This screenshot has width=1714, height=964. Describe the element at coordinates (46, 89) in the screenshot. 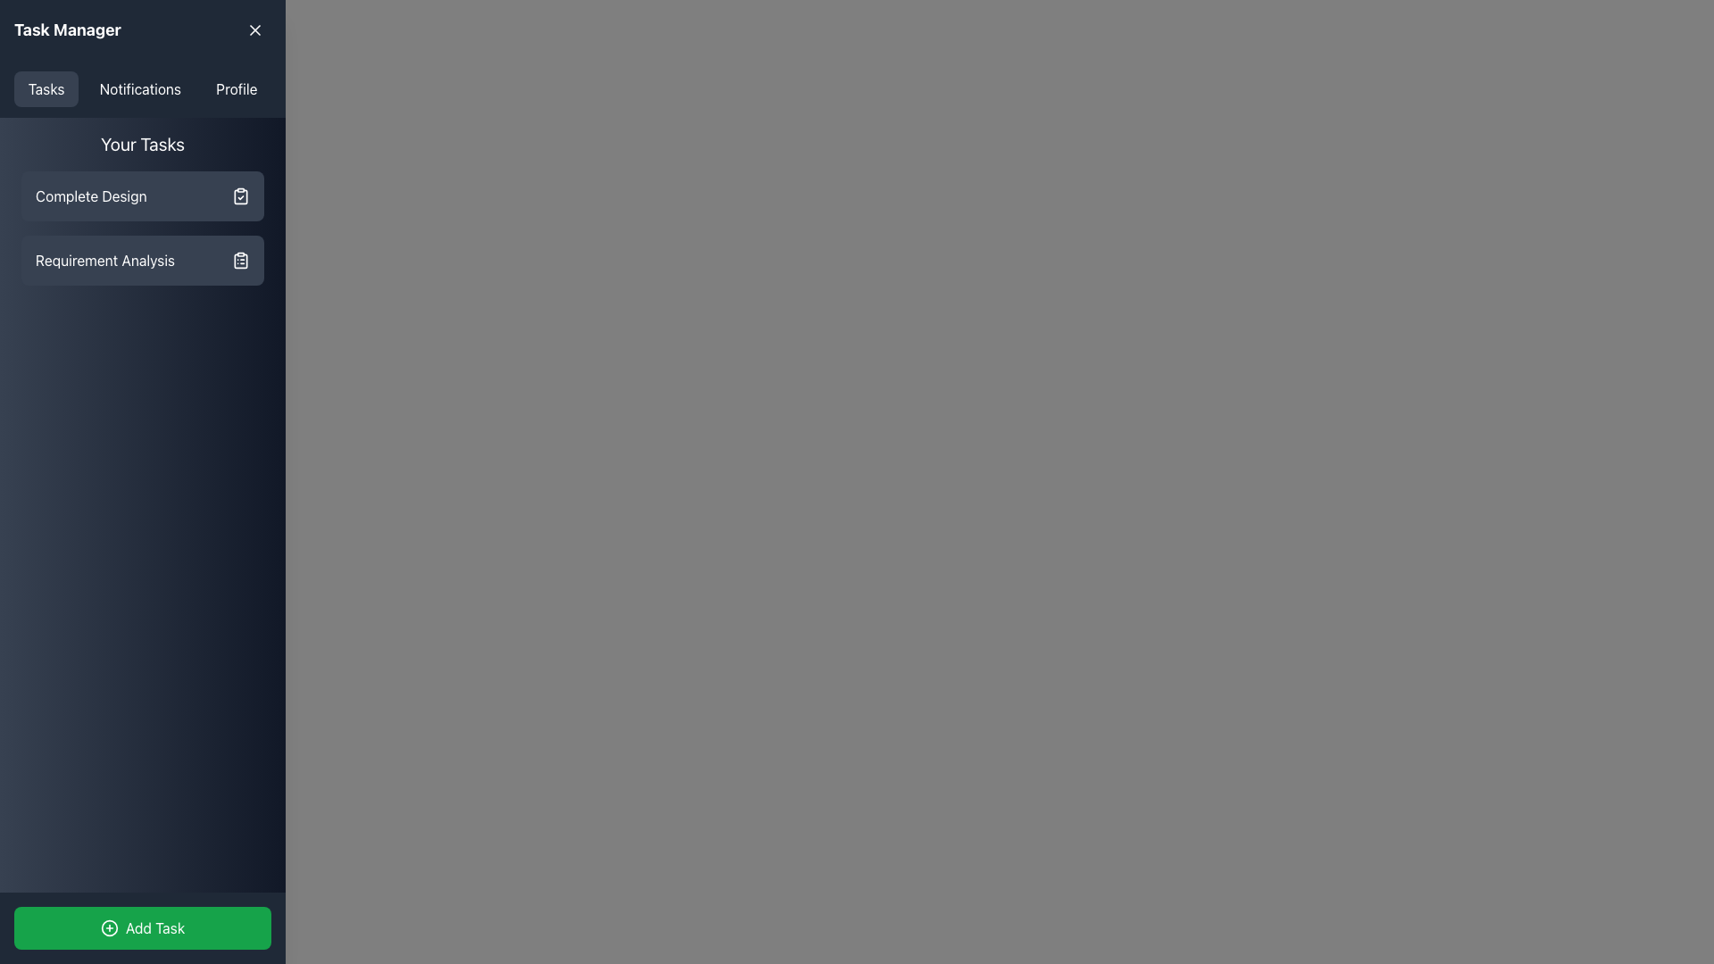

I see `the leftmost button in the row` at that location.